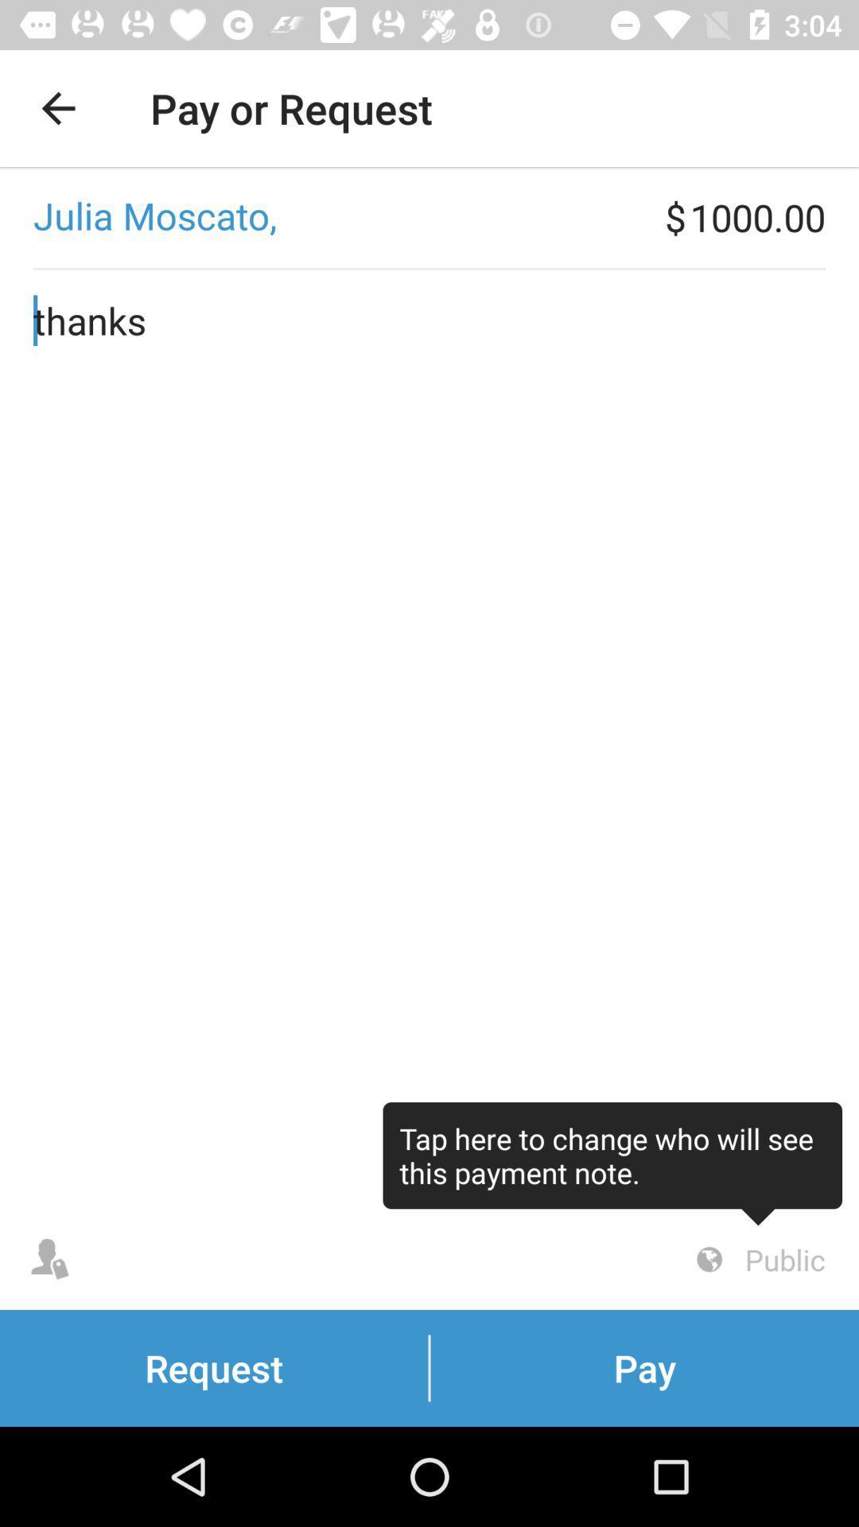 This screenshot has width=859, height=1527. What do you see at coordinates (757, 1259) in the screenshot?
I see `the public` at bounding box center [757, 1259].